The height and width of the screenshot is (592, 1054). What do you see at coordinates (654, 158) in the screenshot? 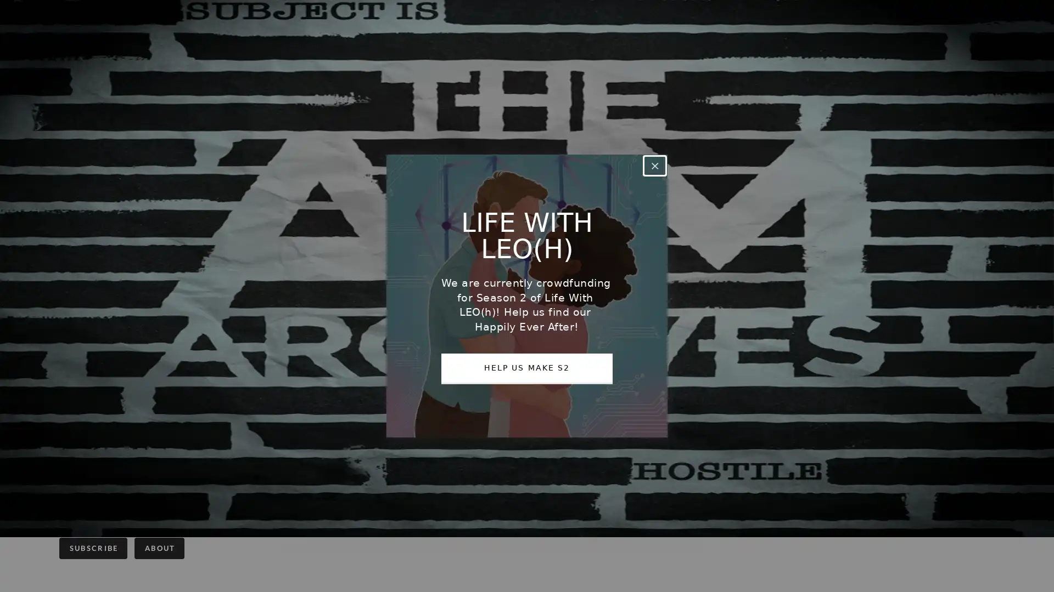
I see `Close` at bounding box center [654, 158].